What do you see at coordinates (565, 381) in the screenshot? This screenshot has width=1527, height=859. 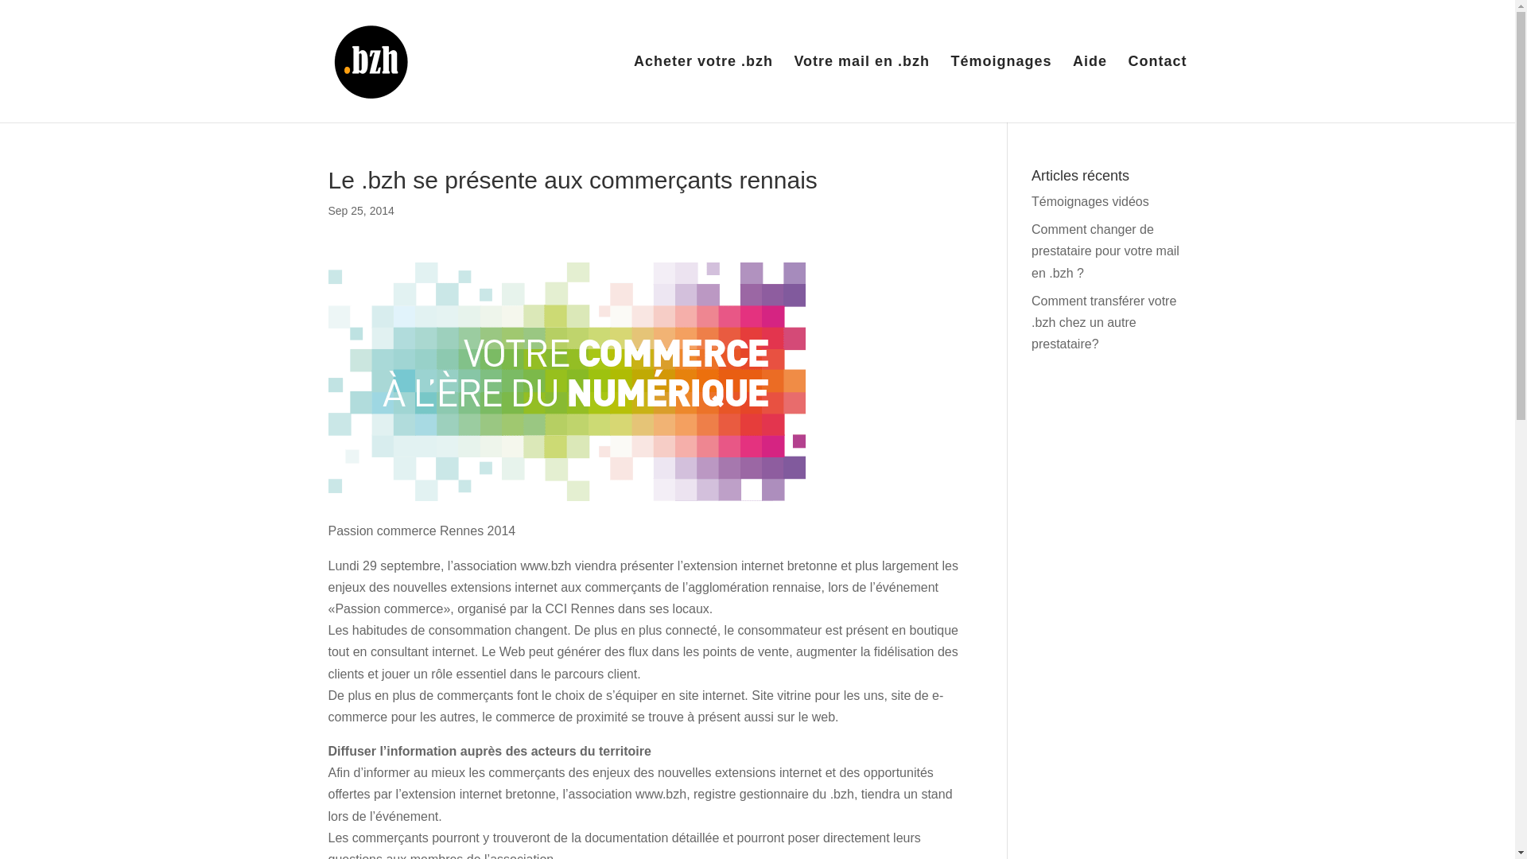 I see `'Passion commerce Rennes 2014'` at bounding box center [565, 381].